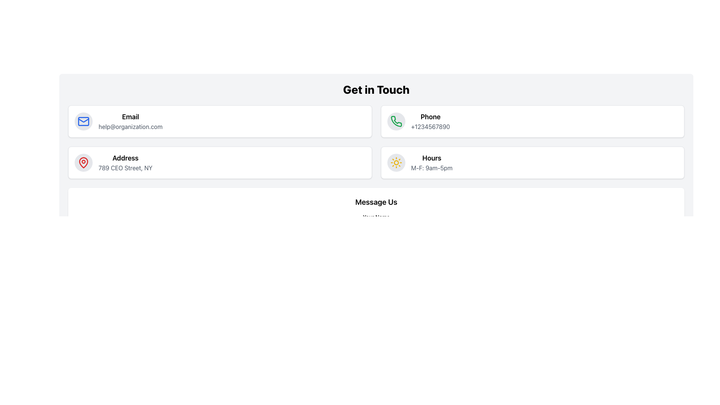  Describe the element at coordinates (83, 121) in the screenshot. I see `the primary rectangular body of the envelope icon located to the left of the 'Email' label text` at that location.